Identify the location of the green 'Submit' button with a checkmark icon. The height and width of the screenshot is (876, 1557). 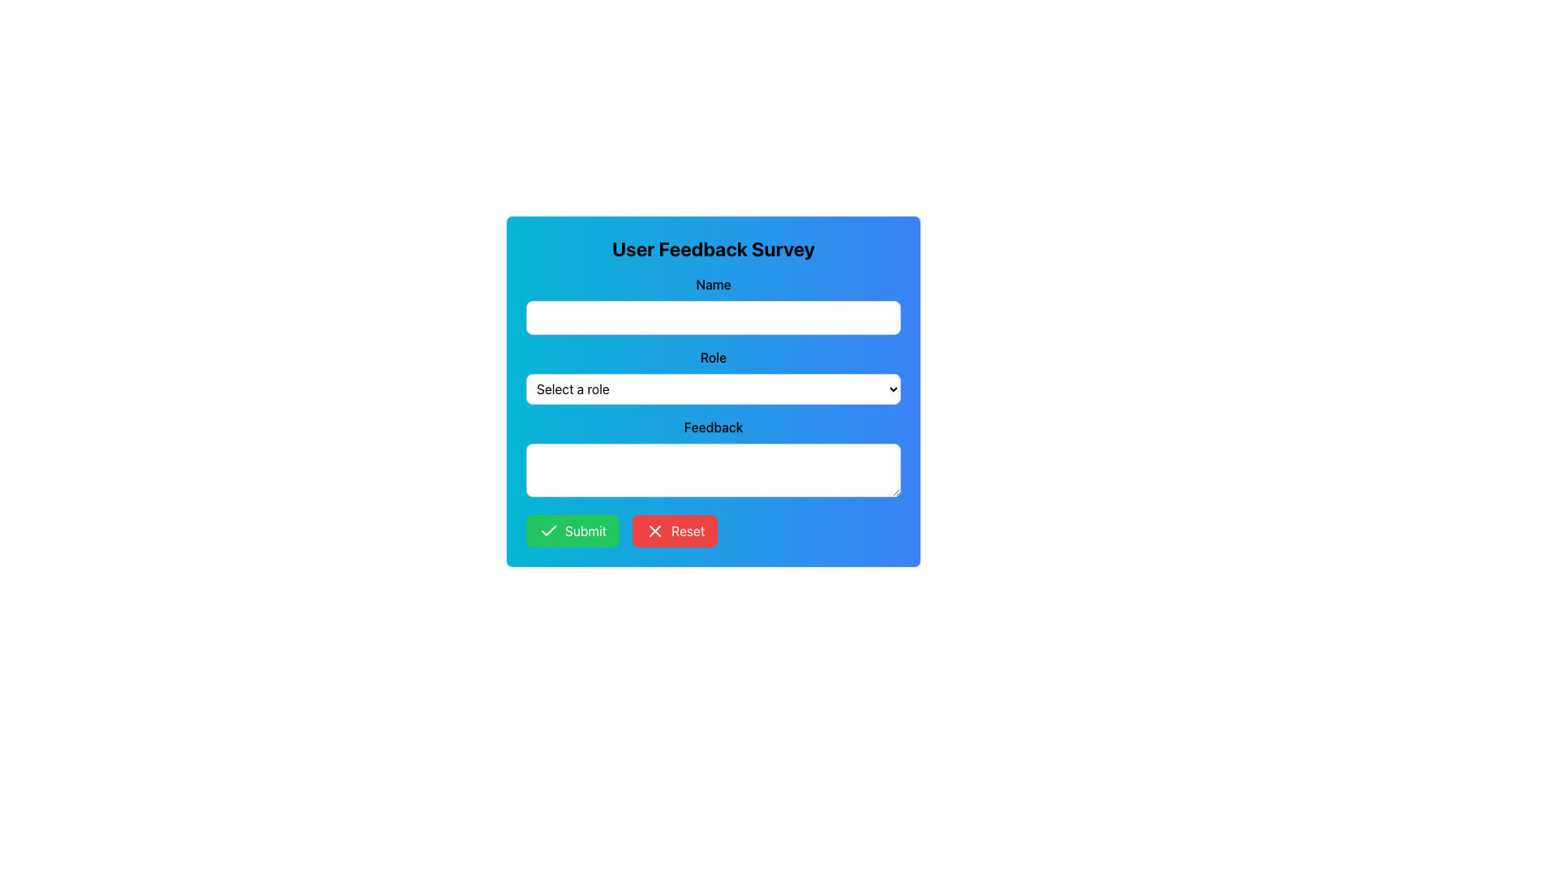
(573, 531).